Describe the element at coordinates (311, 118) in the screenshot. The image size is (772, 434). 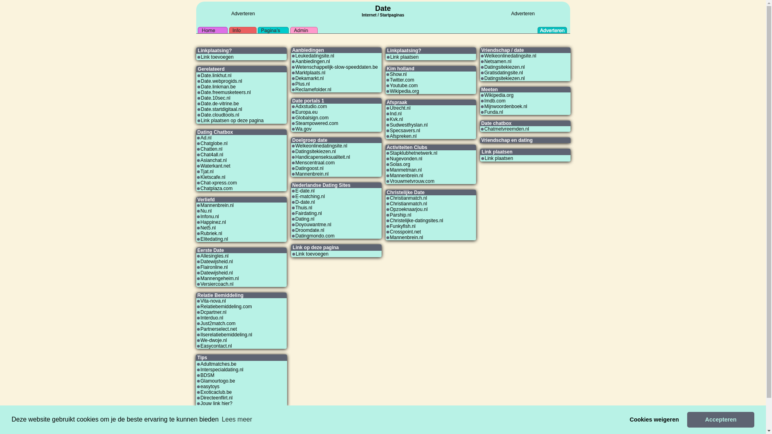
I see `'Globalsign.com'` at that location.